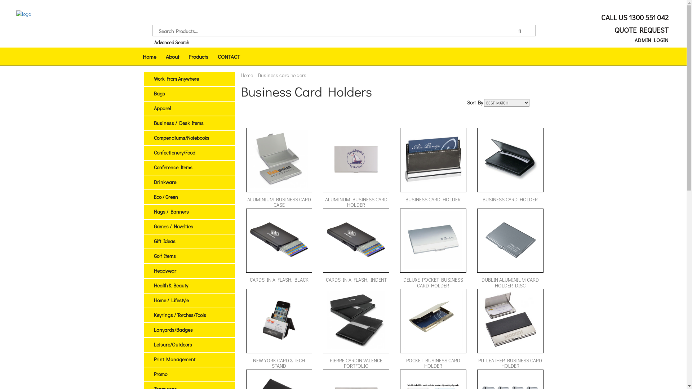 The height and width of the screenshot is (389, 692). I want to click on 'Aluminium Business Card Case (100743_TRDZ)', so click(279, 159).